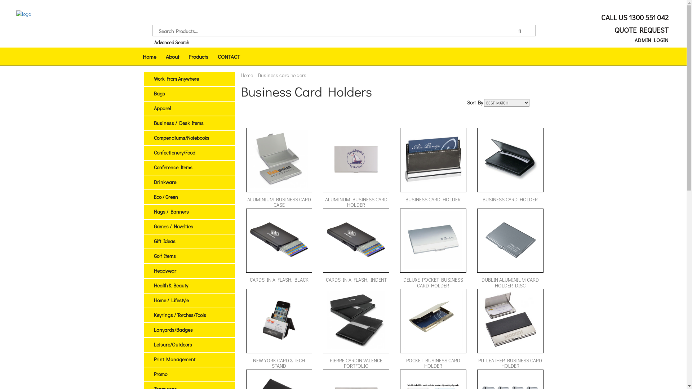 The height and width of the screenshot is (389, 692). I want to click on 'Aluminium Business Card Case (100743_TRDZ)', so click(279, 159).